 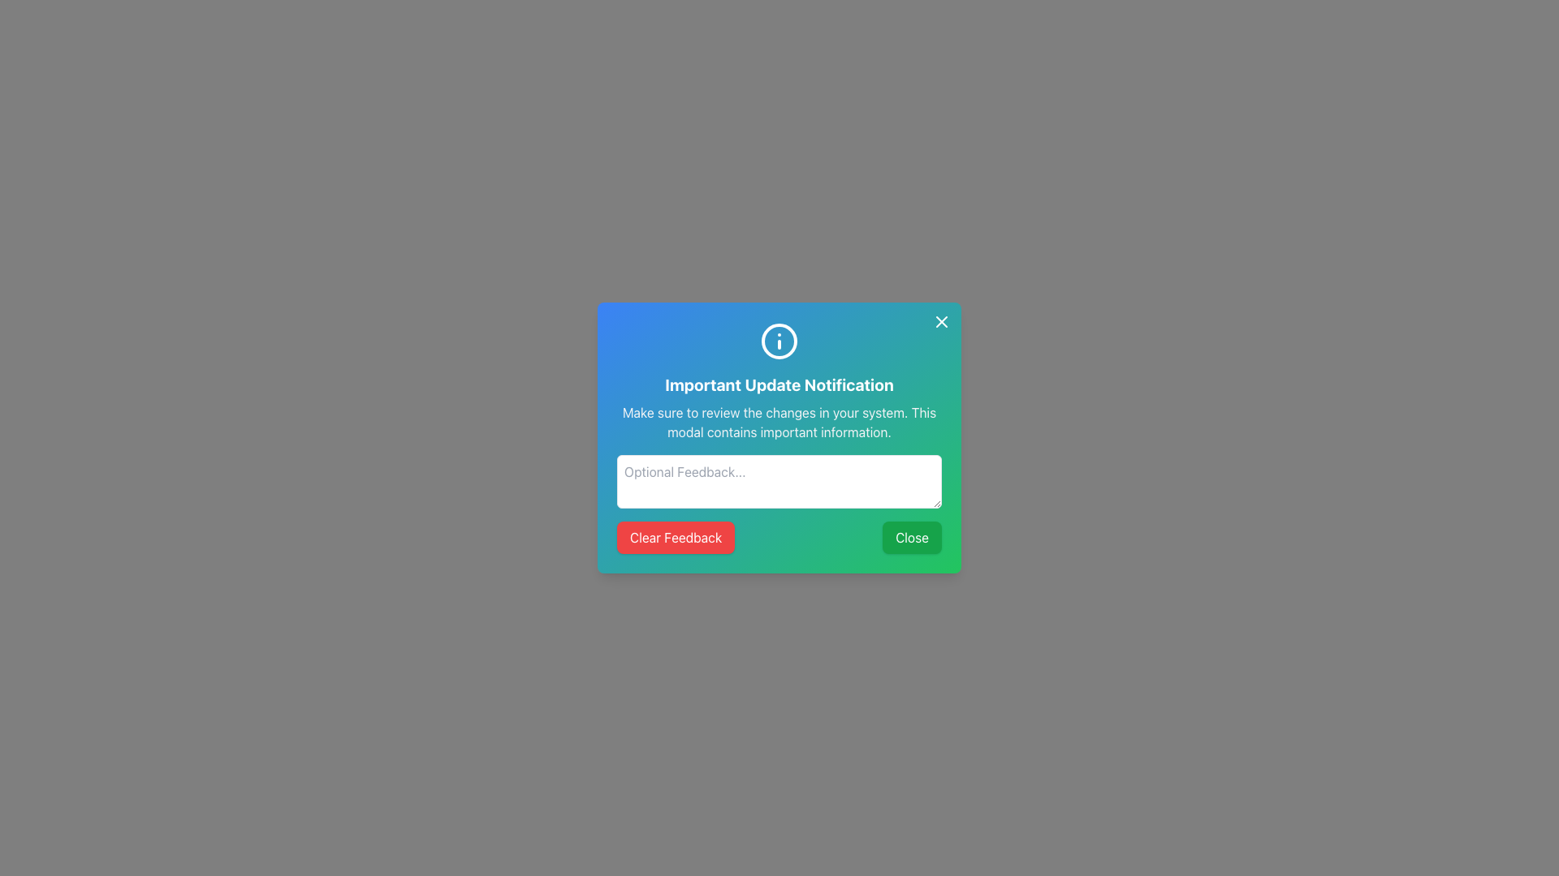 I want to click on the circular icon with a white outline and 'i' symbol, located in the top-center area of the modal above the 'Important Update Notification' title, so click(x=779, y=340).